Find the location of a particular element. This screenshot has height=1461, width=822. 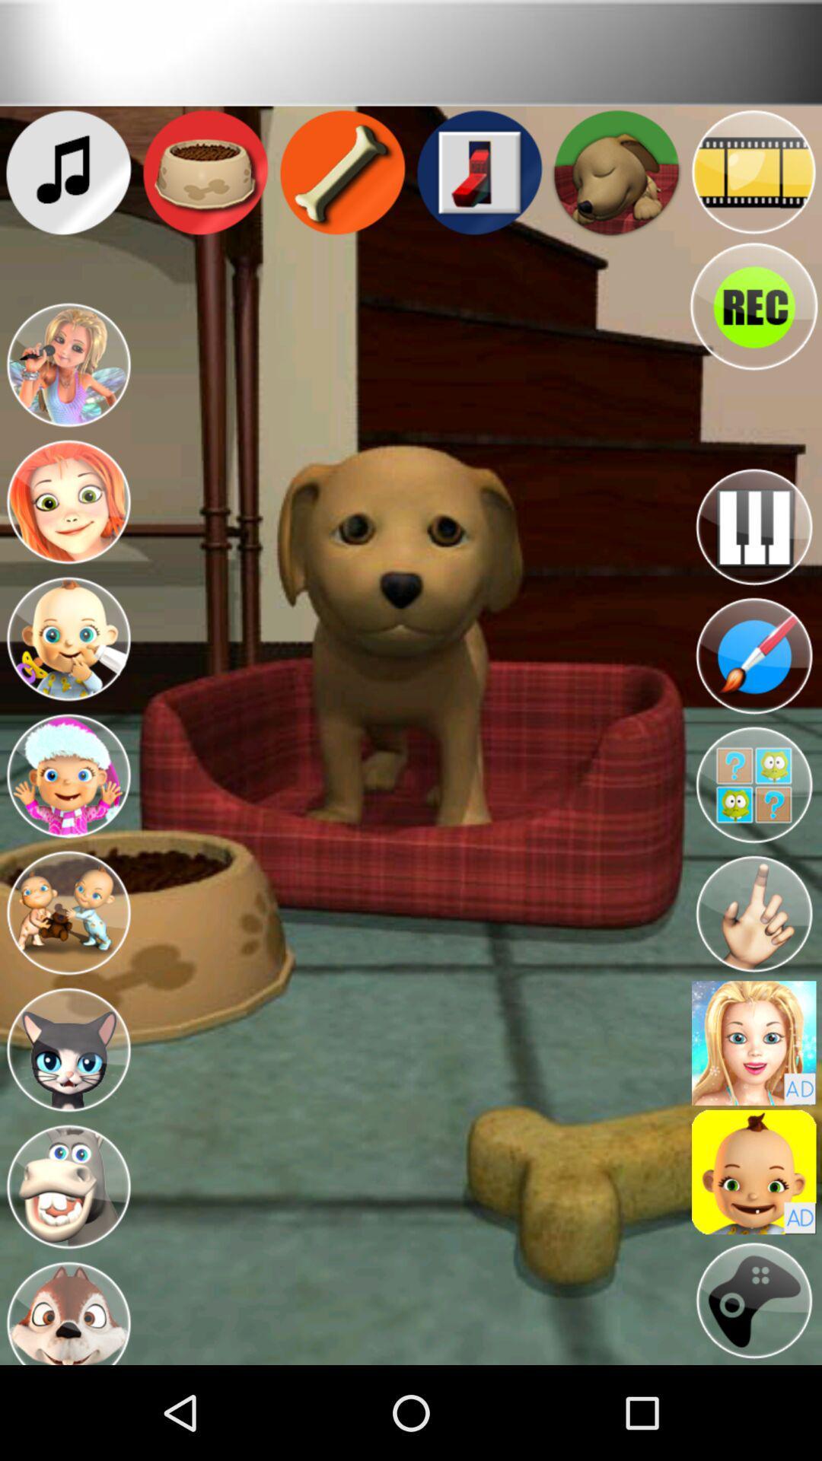

the avatar icon is located at coordinates (753, 1116).